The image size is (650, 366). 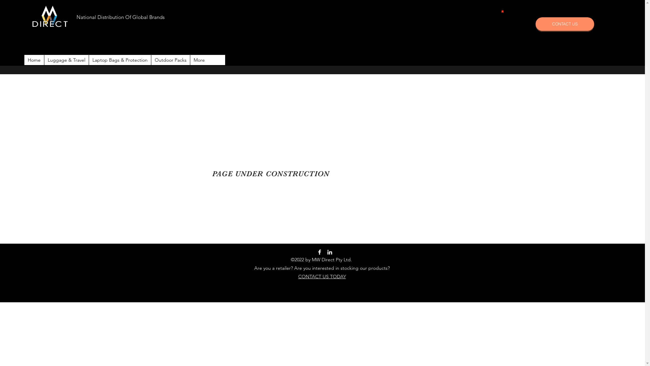 I want to click on 'Outdoor Packs', so click(x=170, y=60).